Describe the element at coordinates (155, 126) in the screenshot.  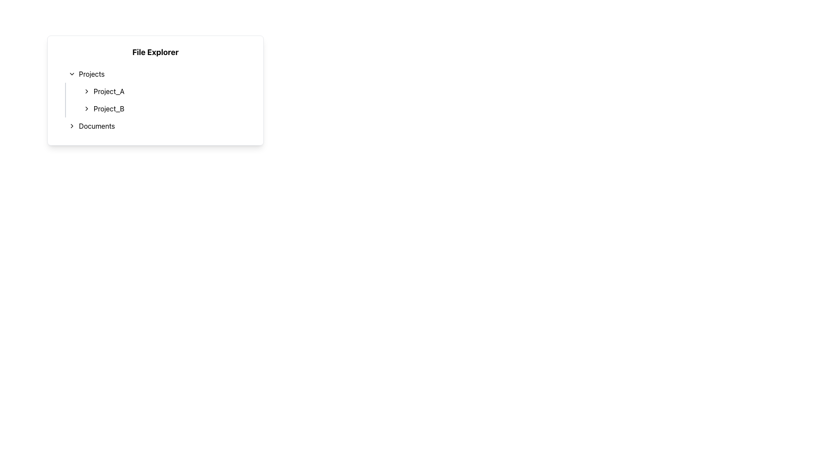
I see `the 'Documents' collapsible menu item in the 'Projects' section of the 'File Explorer', which has a light hover effect and is located below 'Project_B'` at that location.